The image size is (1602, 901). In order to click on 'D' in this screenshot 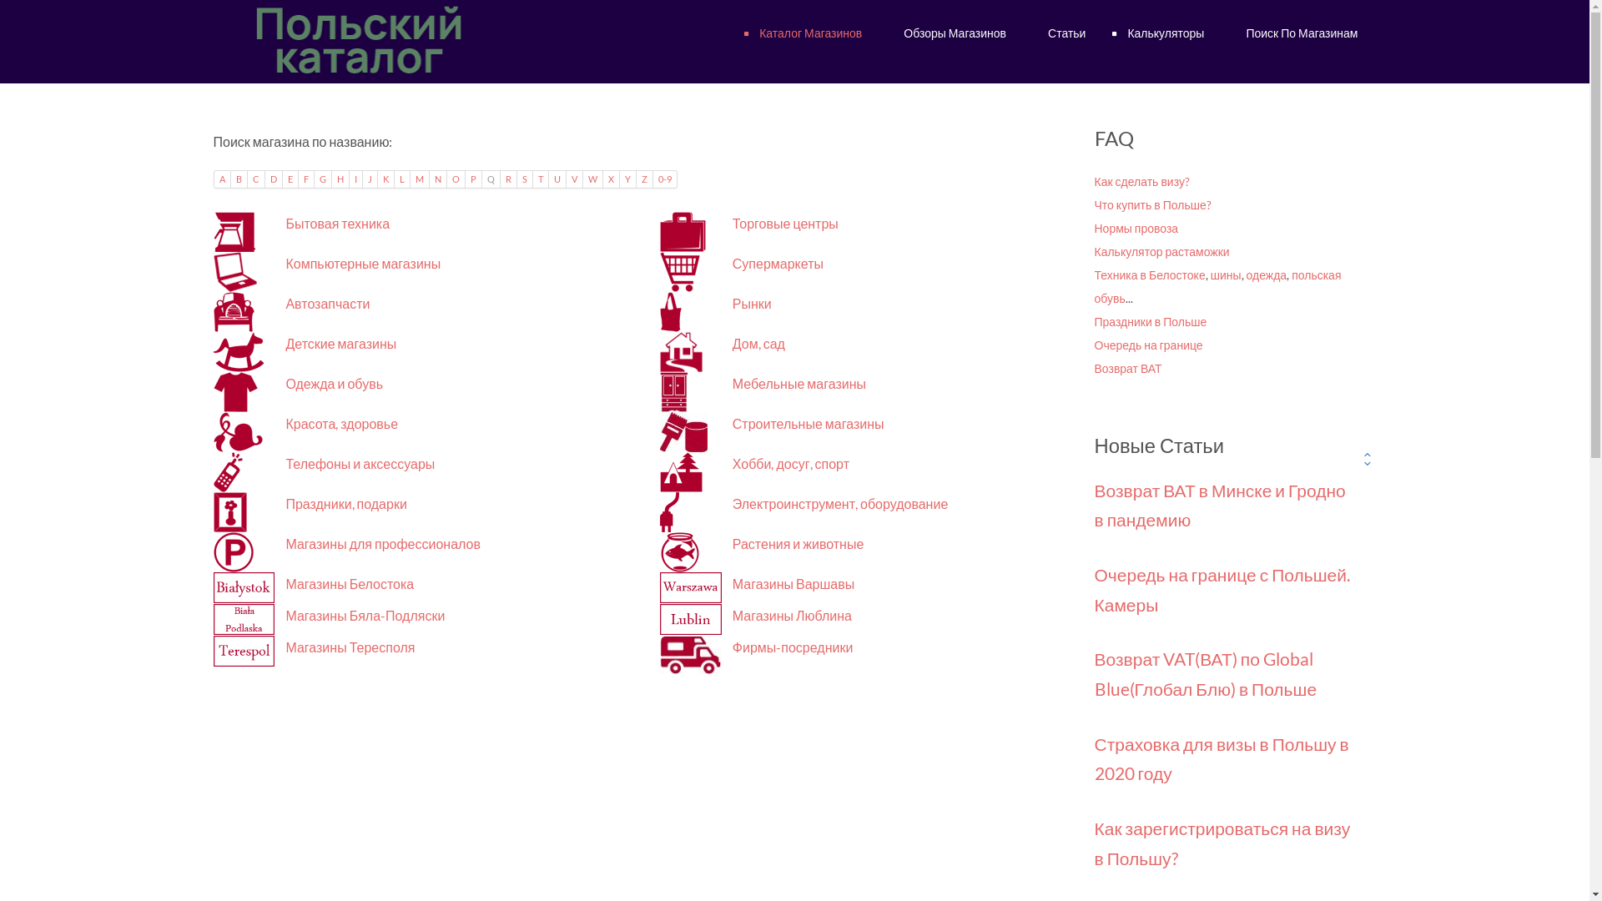, I will do `click(274, 179)`.